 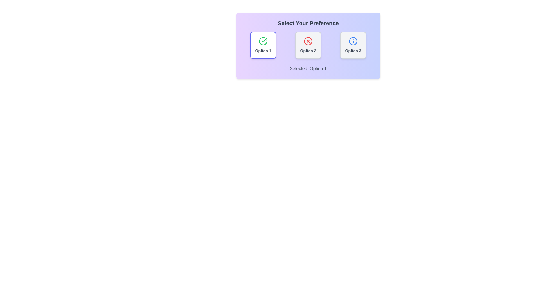 What do you see at coordinates (353, 45) in the screenshot?
I see `the button corresponding to Option 3 to select it` at bounding box center [353, 45].